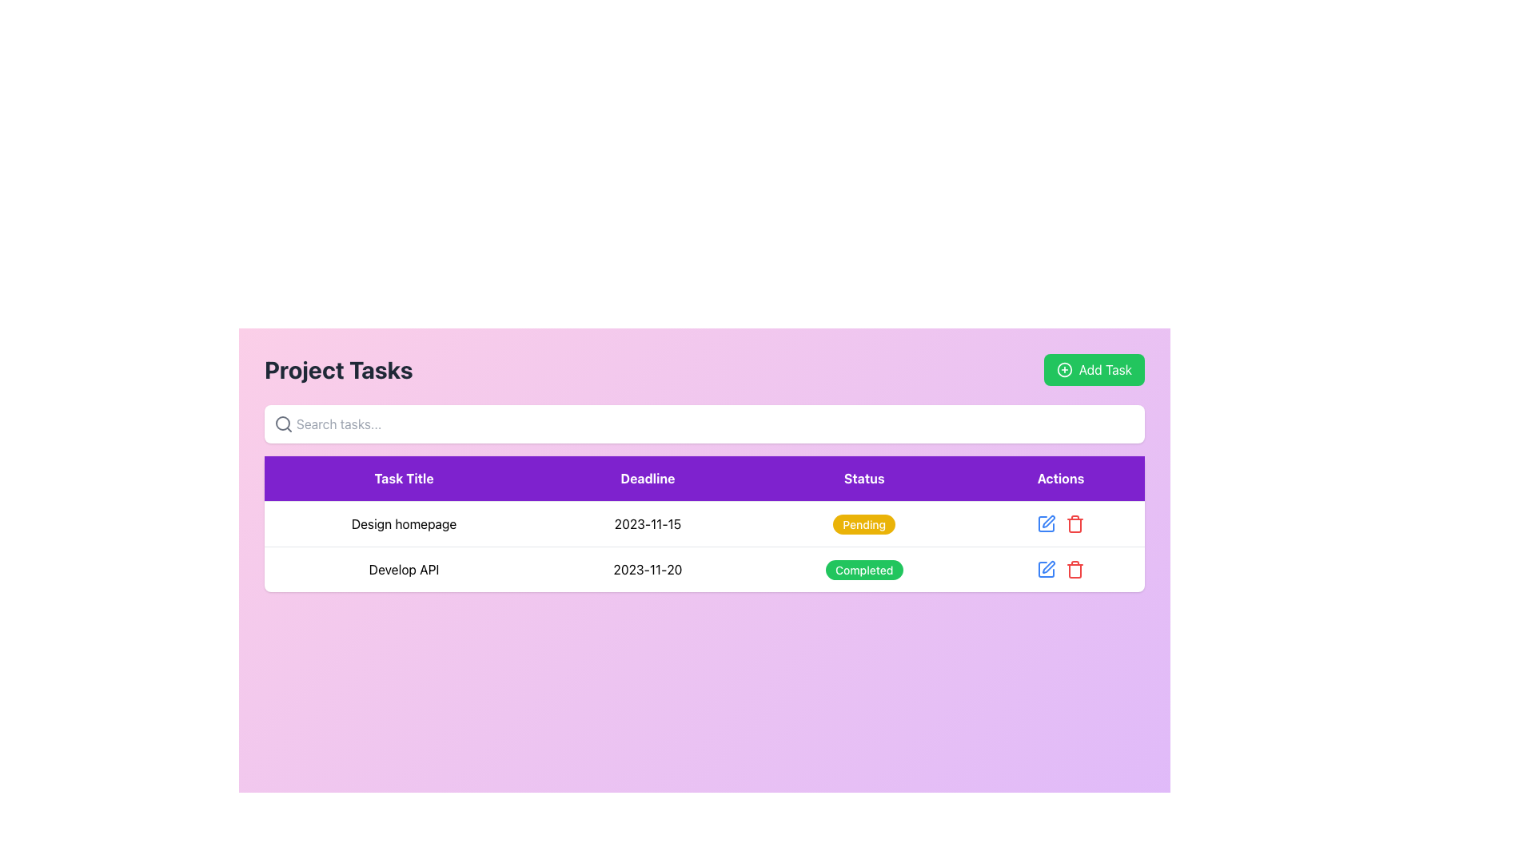 Image resolution: width=1535 pixels, height=863 pixels. I want to click on the edit icon button located in the second row of the 'Actions' column of the task table, so click(1046, 569).